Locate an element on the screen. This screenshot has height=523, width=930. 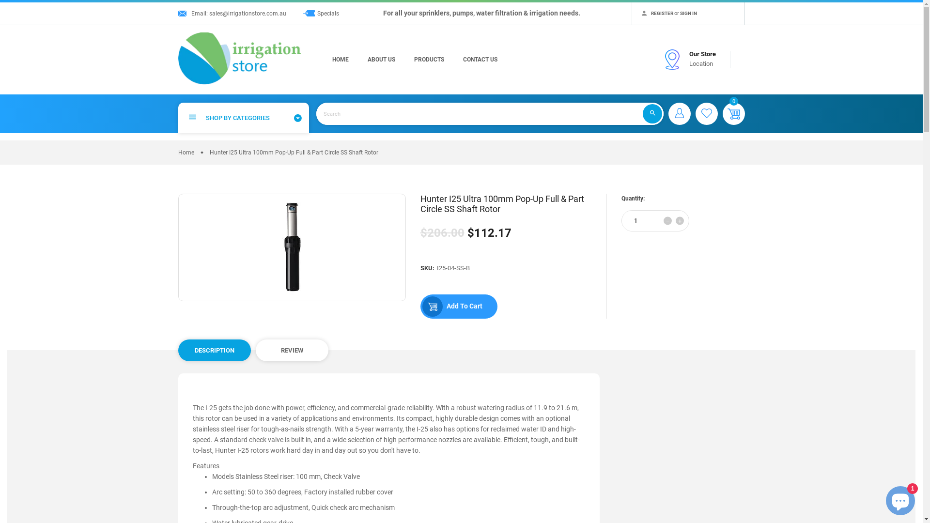
'sales@irrigationstore.com.au' is located at coordinates (209, 13).